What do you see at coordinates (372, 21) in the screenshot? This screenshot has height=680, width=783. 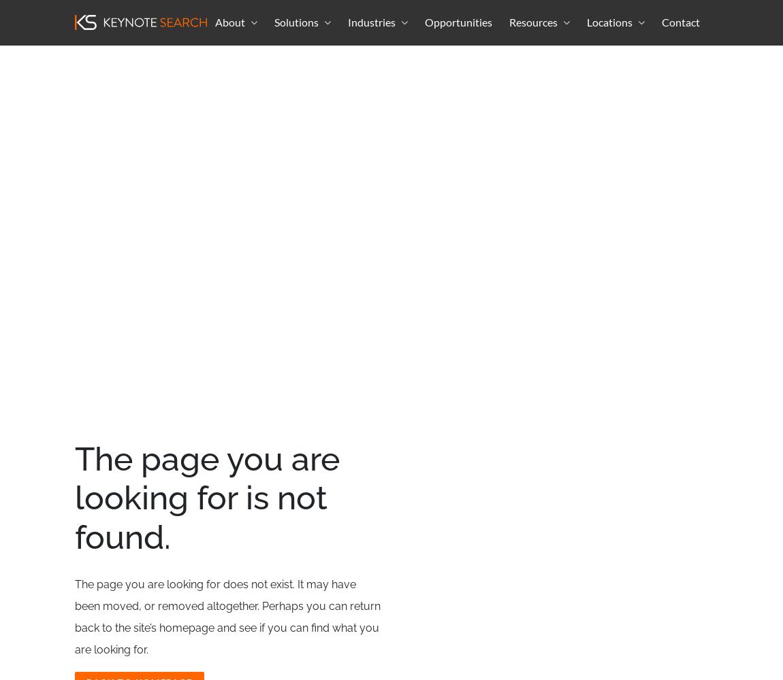 I see `'Industries'` at bounding box center [372, 21].